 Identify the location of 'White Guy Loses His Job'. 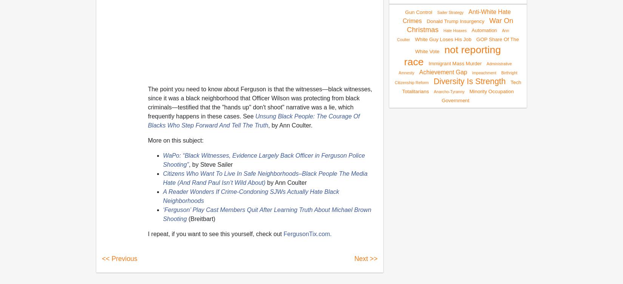
(443, 39).